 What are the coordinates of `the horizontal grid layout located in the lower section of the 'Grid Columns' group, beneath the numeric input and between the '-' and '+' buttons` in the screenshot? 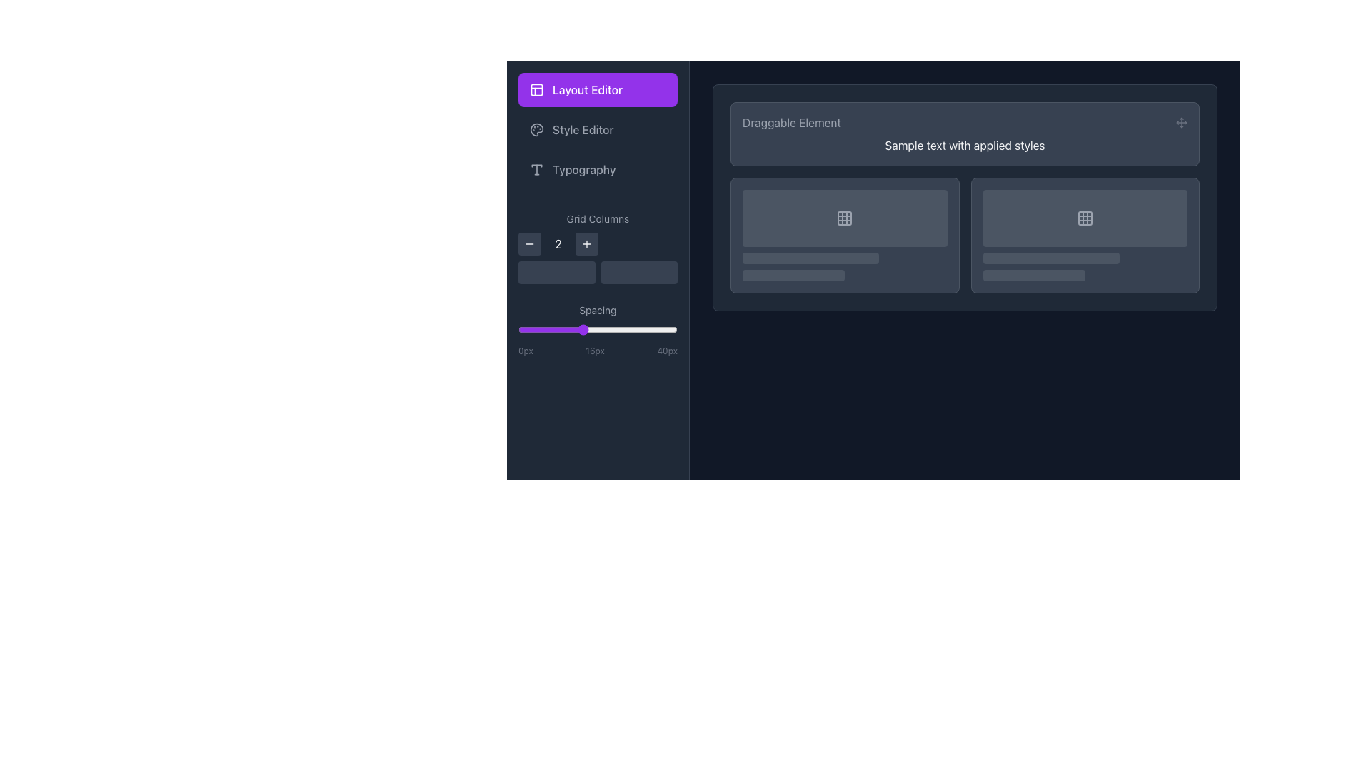 It's located at (598, 272).